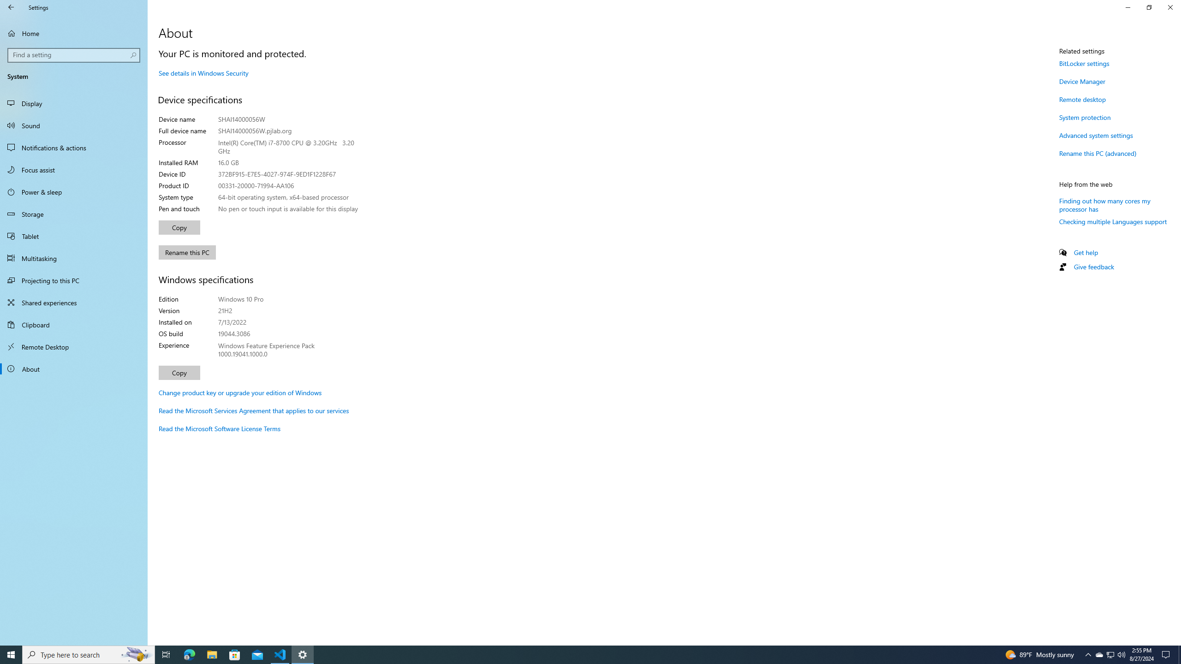 This screenshot has width=1181, height=664. Describe the element at coordinates (1082, 81) in the screenshot. I see `'Device Manager'` at that location.